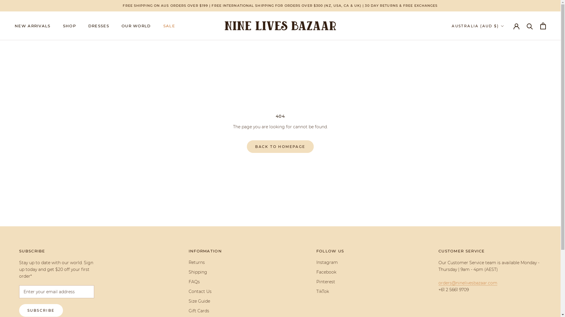 Image resolution: width=565 pixels, height=317 pixels. I want to click on 'orders@ninelivesbazaar.com', so click(467, 283).